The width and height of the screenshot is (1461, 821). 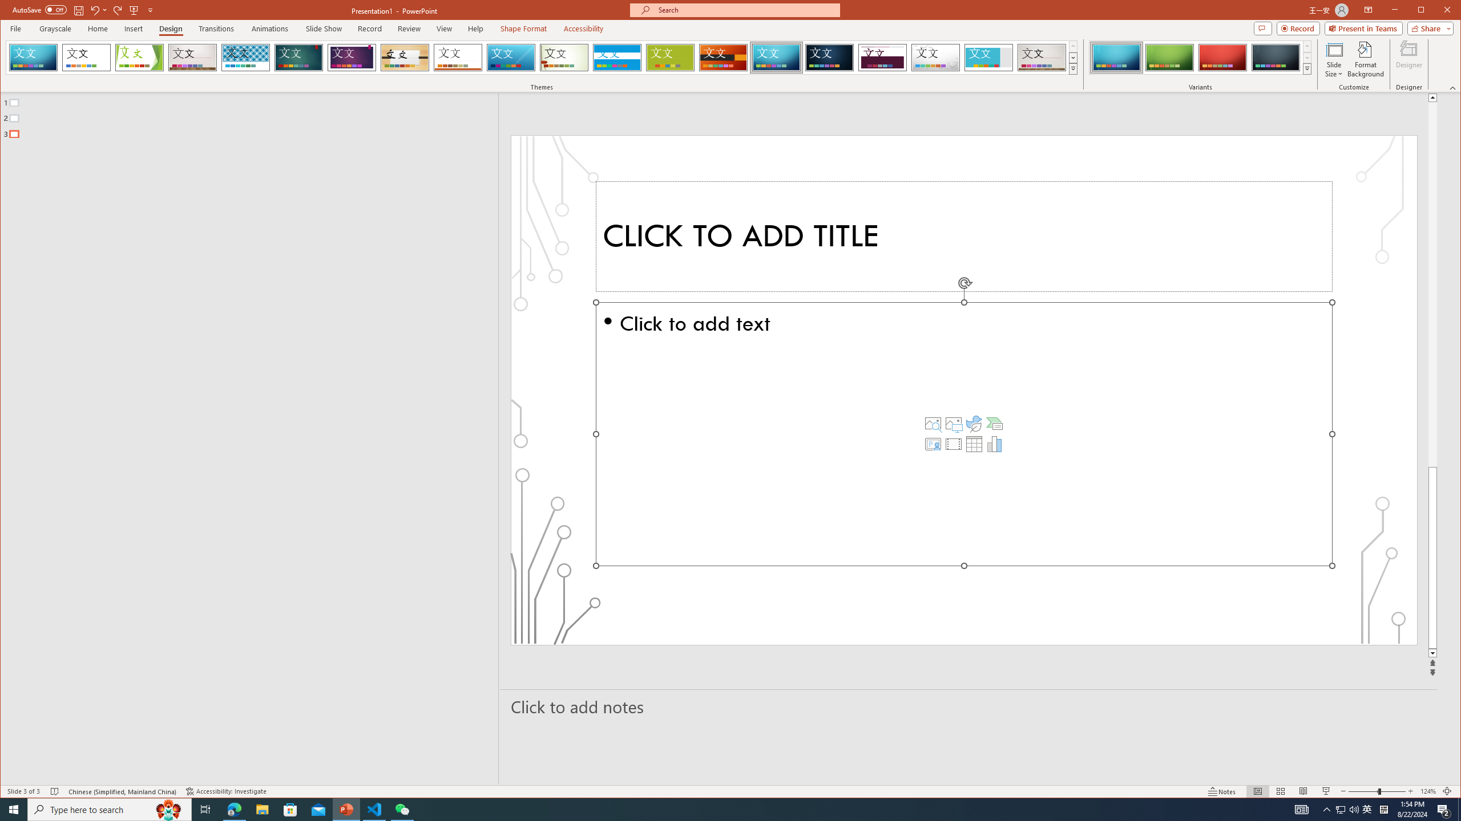 I want to click on 'Integral', so click(x=245, y=57).